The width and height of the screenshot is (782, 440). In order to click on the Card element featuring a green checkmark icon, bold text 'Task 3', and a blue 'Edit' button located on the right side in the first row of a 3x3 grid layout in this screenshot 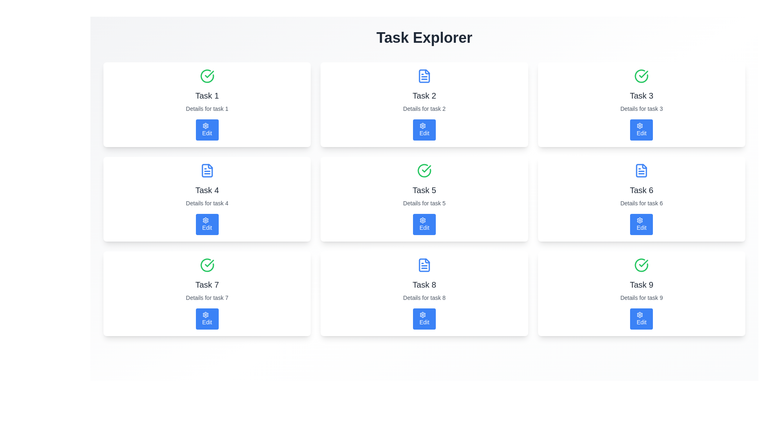, I will do `click(641, 104)`.